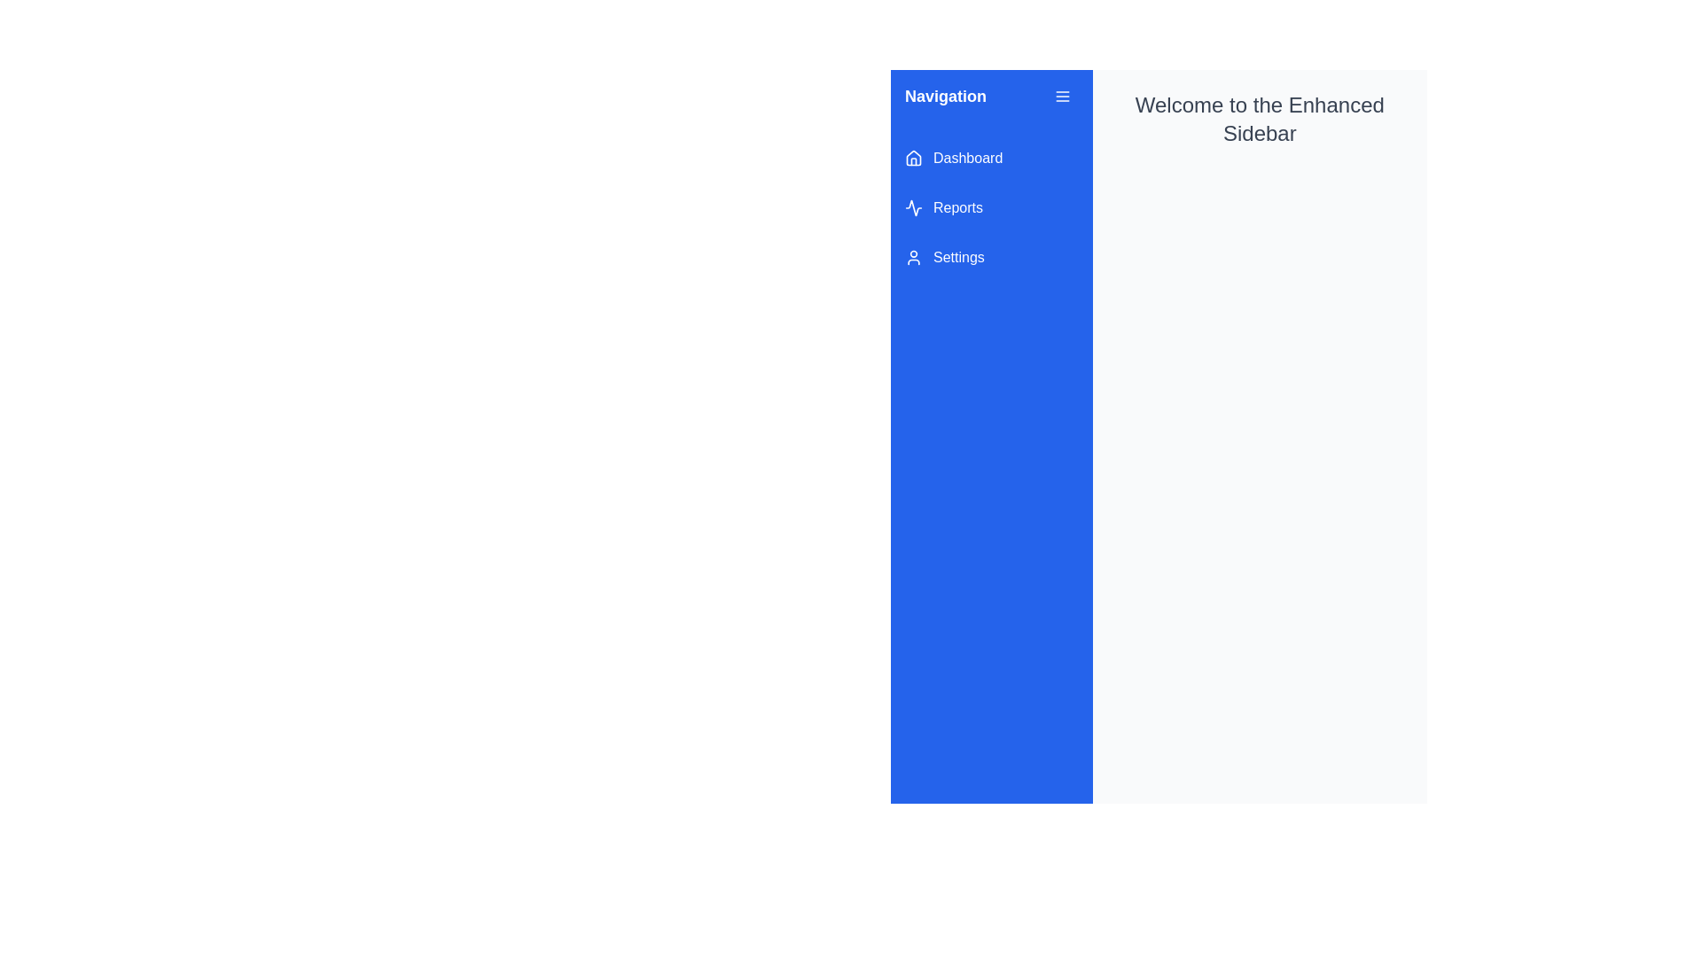 The width and height of the screenshot is (1702, 957). What do you see at coordinates (914, 257) in the screenshot?
I see `the user settings icon located in the left sidebar under the 'Settings' section, which is the first icon before the text 'Settings'` at bounding box center [914, 257].